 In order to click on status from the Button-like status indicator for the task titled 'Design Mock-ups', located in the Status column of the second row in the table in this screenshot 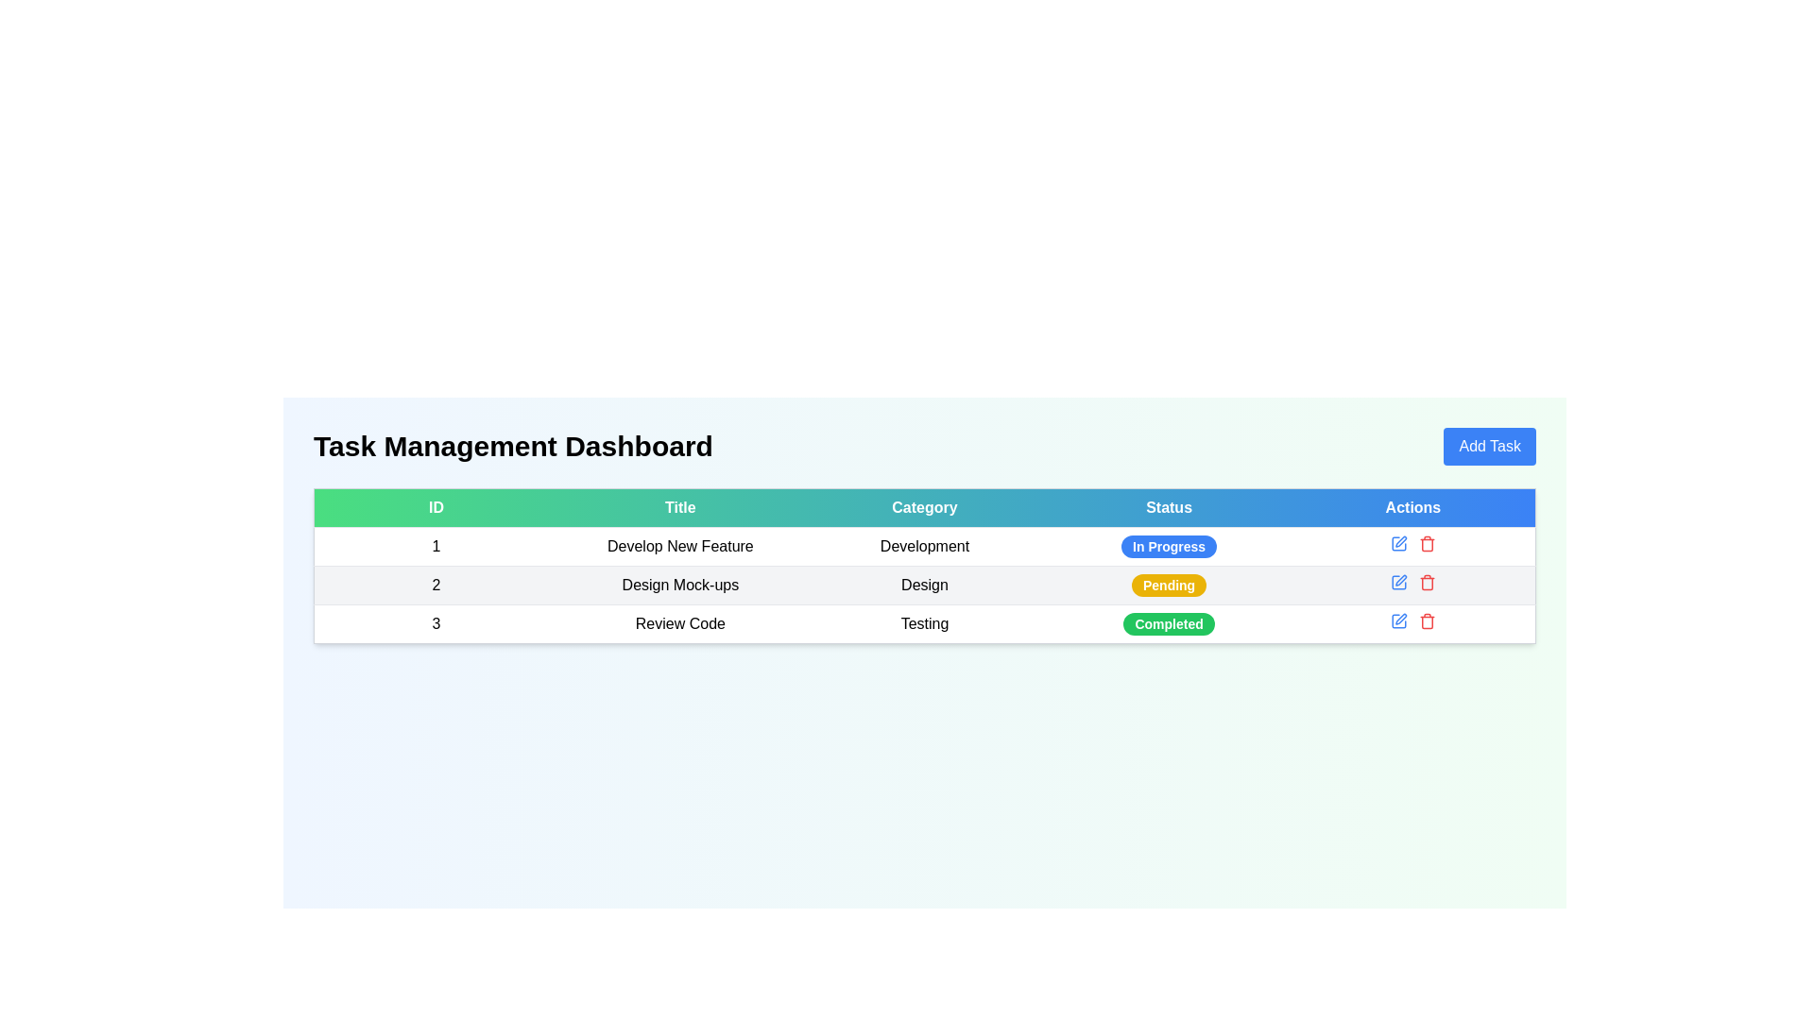, I will do `click(1168, 585)`.